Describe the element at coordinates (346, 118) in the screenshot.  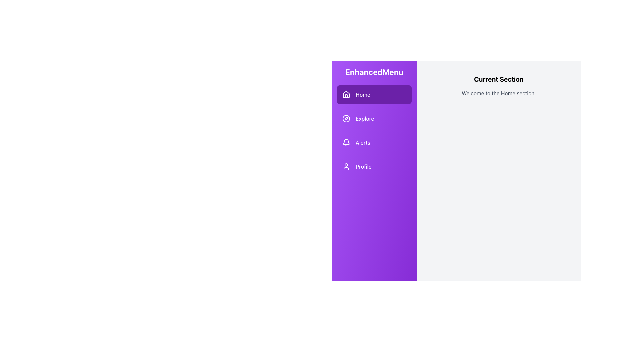
I see `the 'Explore' navigation icon located in the side navigation bar, which is positioned second in the list of options` at that location.